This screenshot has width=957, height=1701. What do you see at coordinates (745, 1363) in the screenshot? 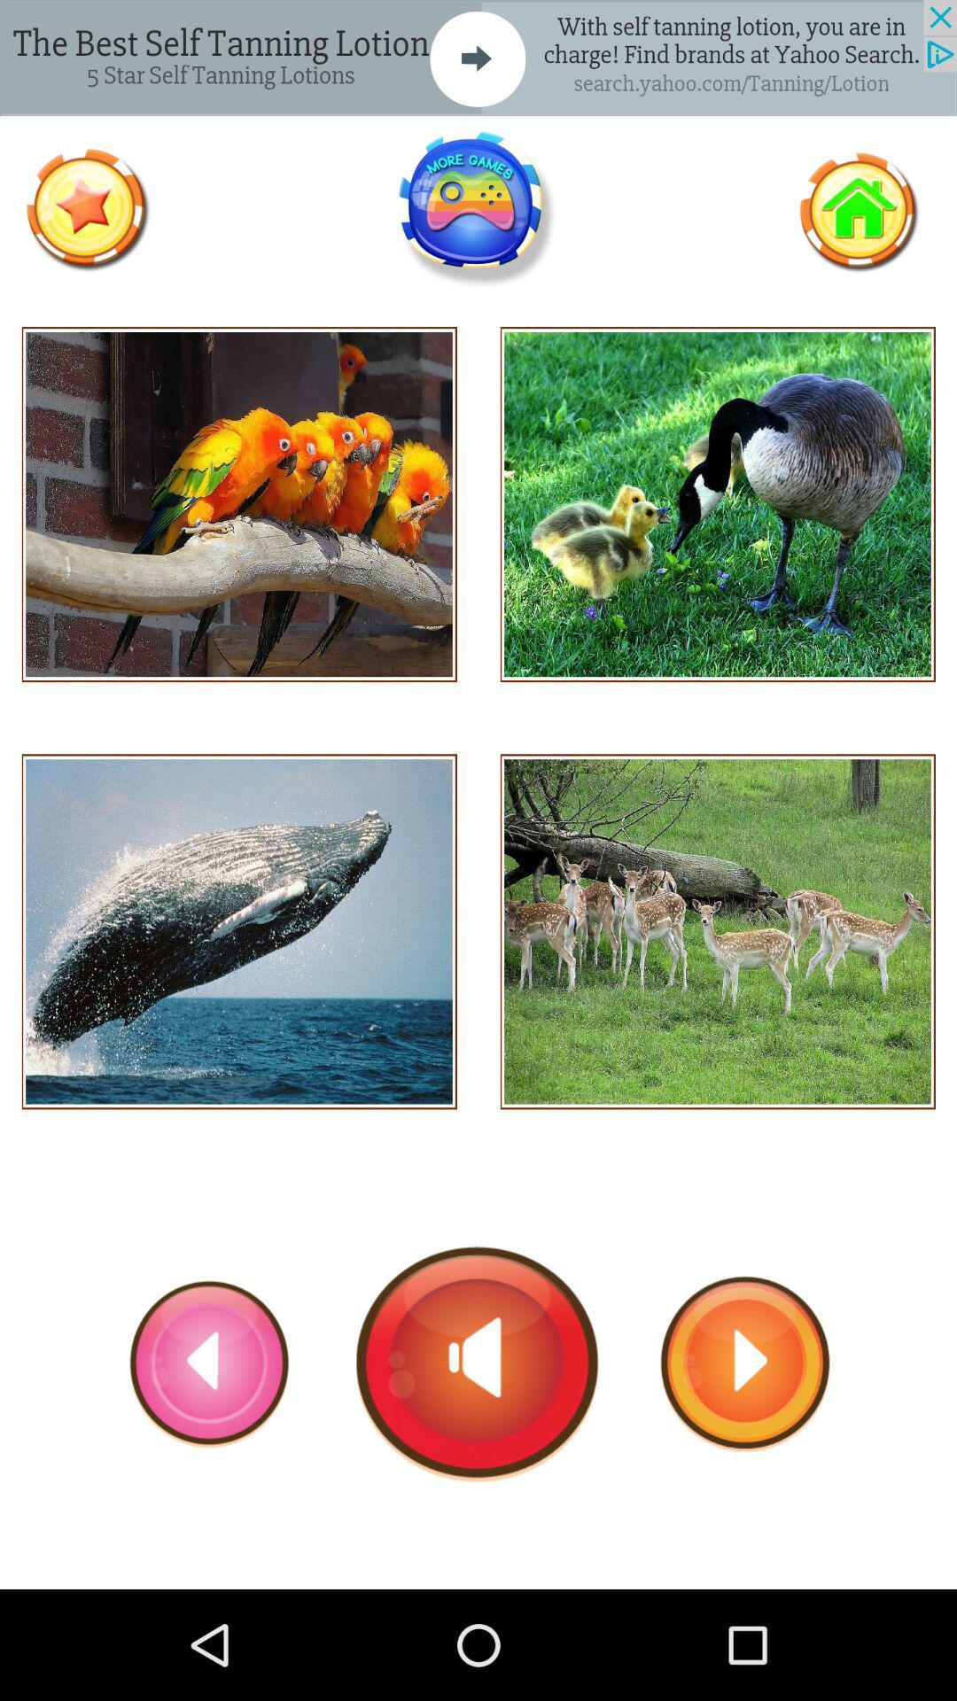
I see `next page` at bounding box center [745, 1363].